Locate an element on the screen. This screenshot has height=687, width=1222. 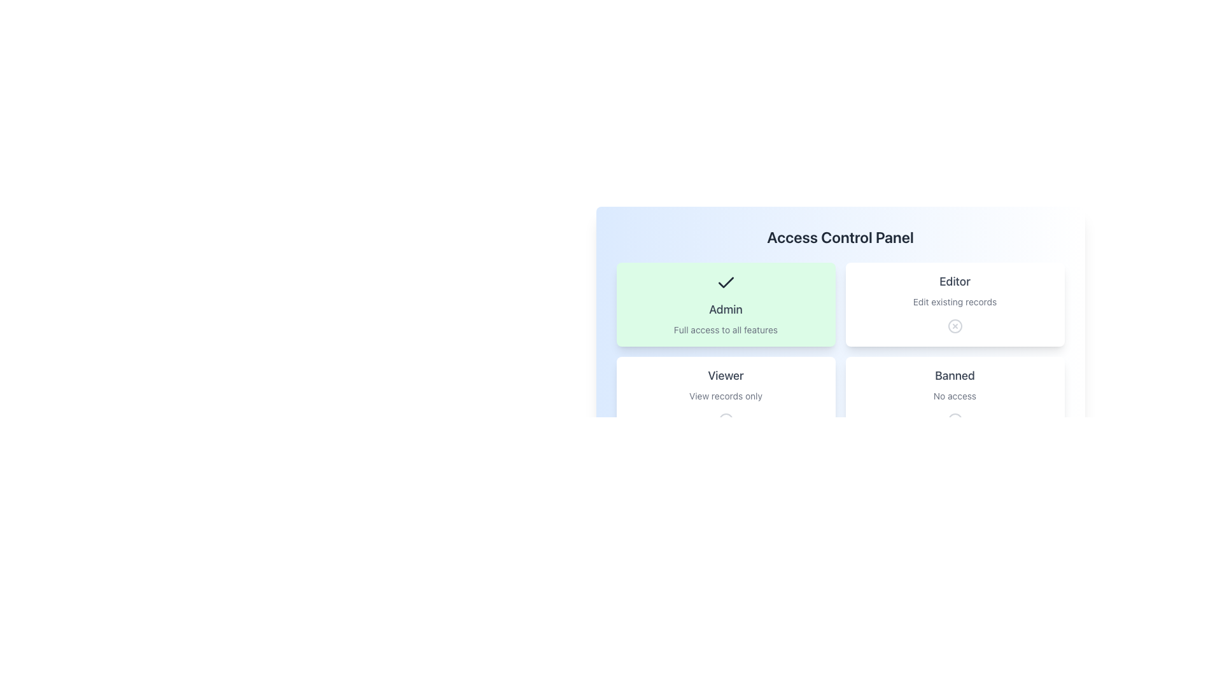
the circular decorative element with a light gray outline and white fill, located in the top-right section of the 'Editor' card is located at coordinates (955, 326).